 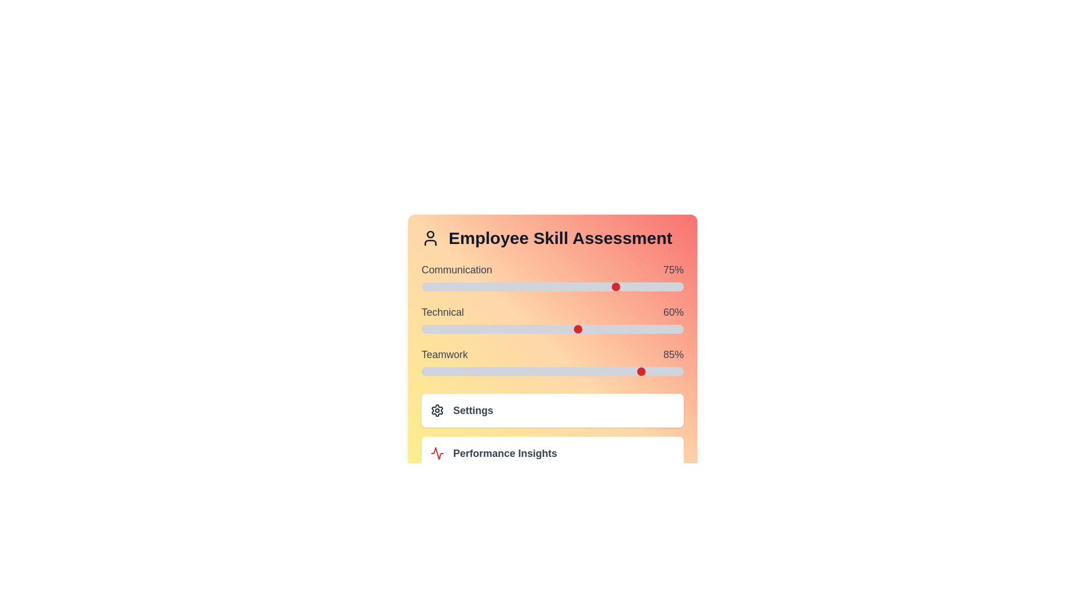 I want to click on the 1 slider to 58%, so click(x=704, y=329).